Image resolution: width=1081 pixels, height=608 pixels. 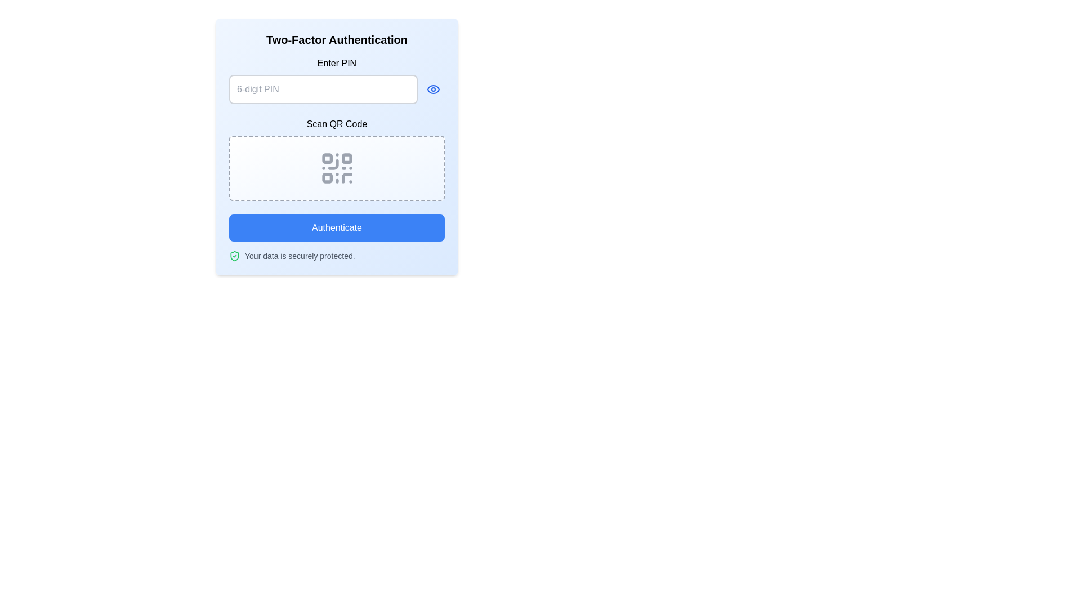 I want to click on the Text Input (Password) element used for entering a 6-digit PIN by tabbing to it, so click(x=323, y=88).